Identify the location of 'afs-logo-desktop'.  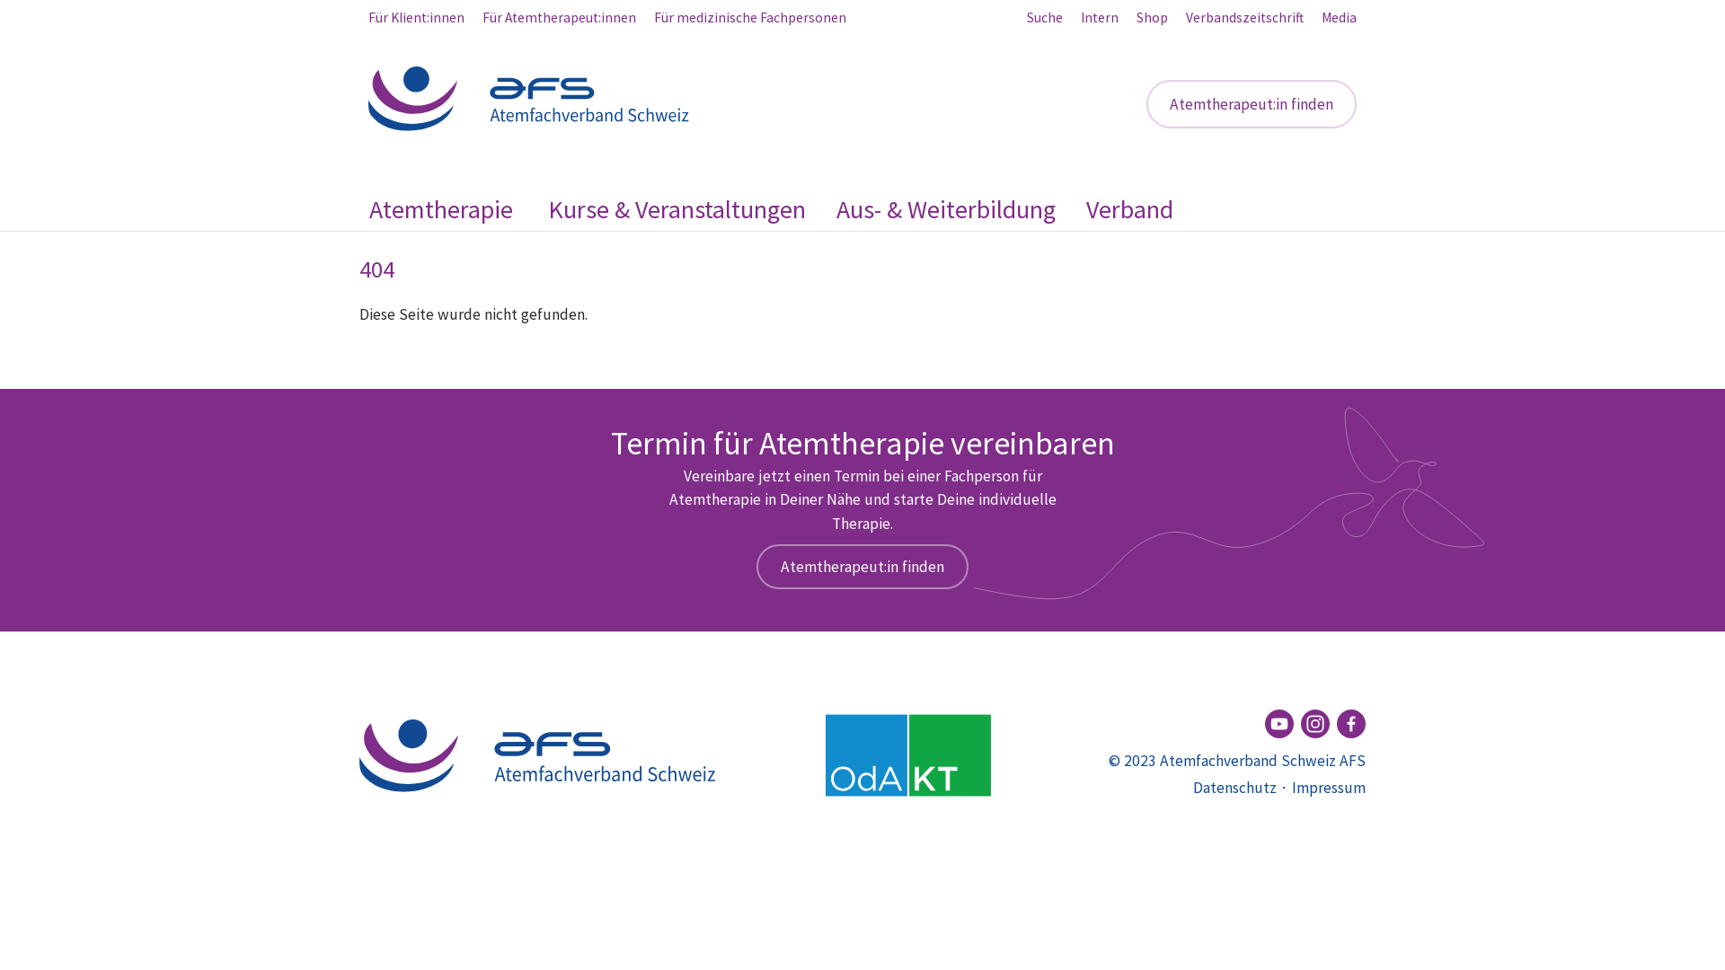
(367, 99).